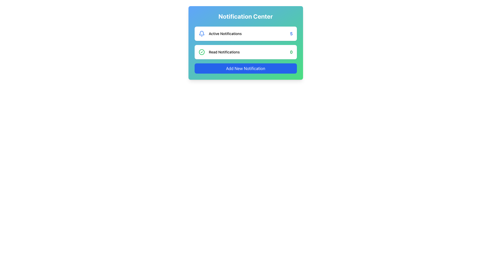 This screenshot has width=491, height=276. What do you see at coordinates (219, 52) in the screenshot?
I see `'Read Notifications' text label which is paired with a green checkmark icon, positioned second in the list of notification statuses` at bounding box center [219, 52].